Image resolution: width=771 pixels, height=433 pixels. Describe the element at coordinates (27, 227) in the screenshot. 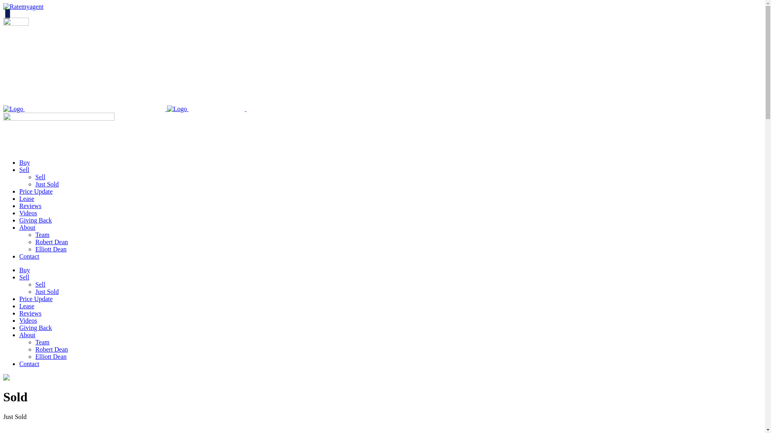

I see `'About'` at that location.